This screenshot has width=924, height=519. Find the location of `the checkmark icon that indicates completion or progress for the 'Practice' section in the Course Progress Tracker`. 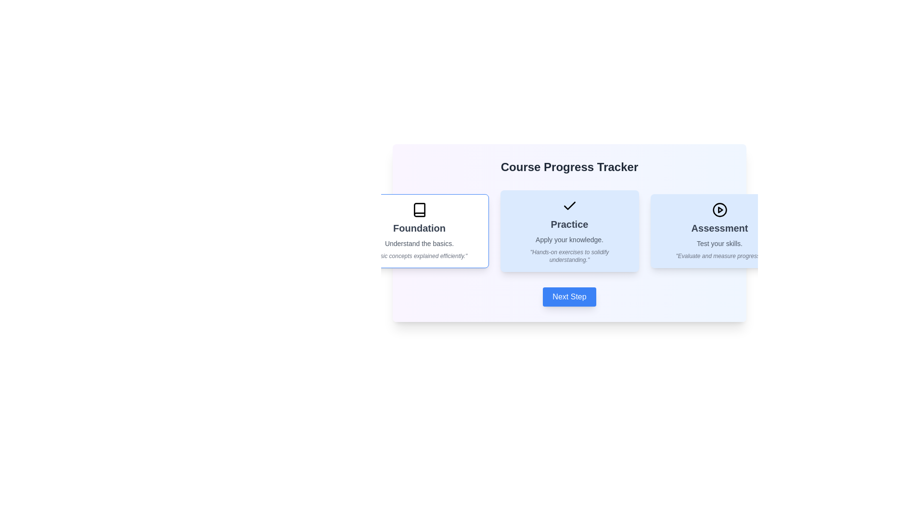

the checkmark icon that indicates completion or progress for the 'Practice' section in the Course Progress Tracker is located at coordinates (569, 205).